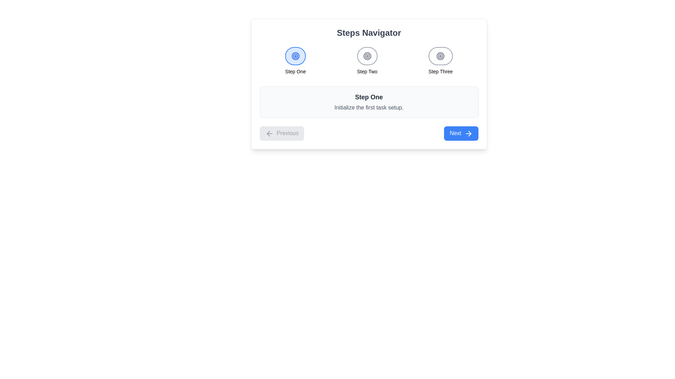 This screenshot has width=675, height=379. Describe the element at coordinates (367, 55) in the screenshot. I see `the second circular Navigation step indicator labeled 'Step Two' in the navigation bar` at that location.